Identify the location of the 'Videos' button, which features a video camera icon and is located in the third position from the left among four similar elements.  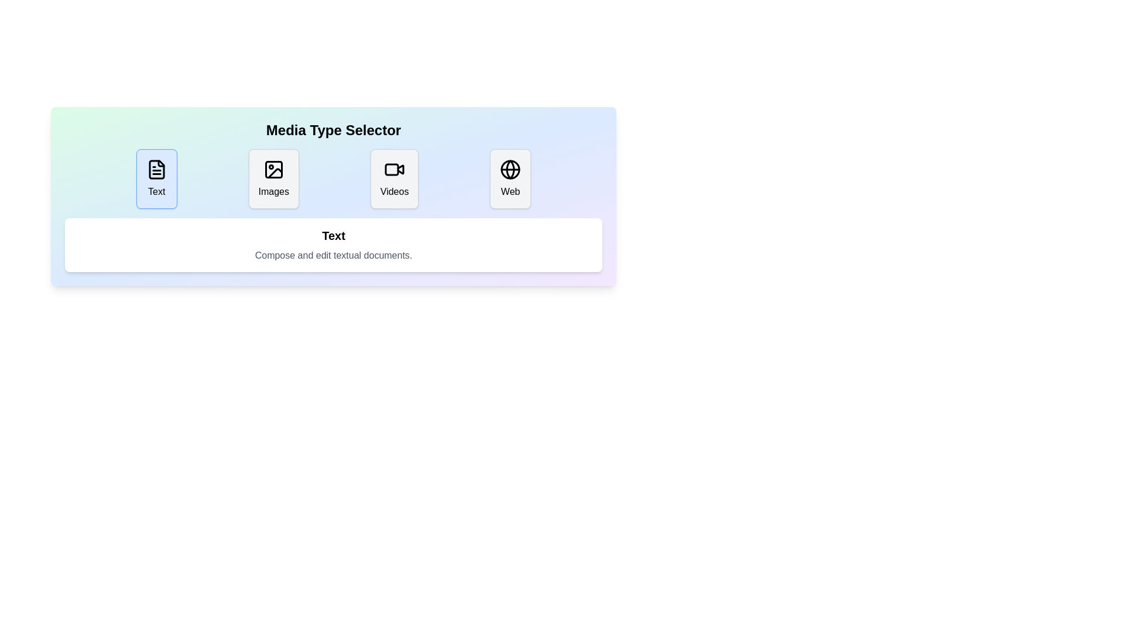
(395, 178).